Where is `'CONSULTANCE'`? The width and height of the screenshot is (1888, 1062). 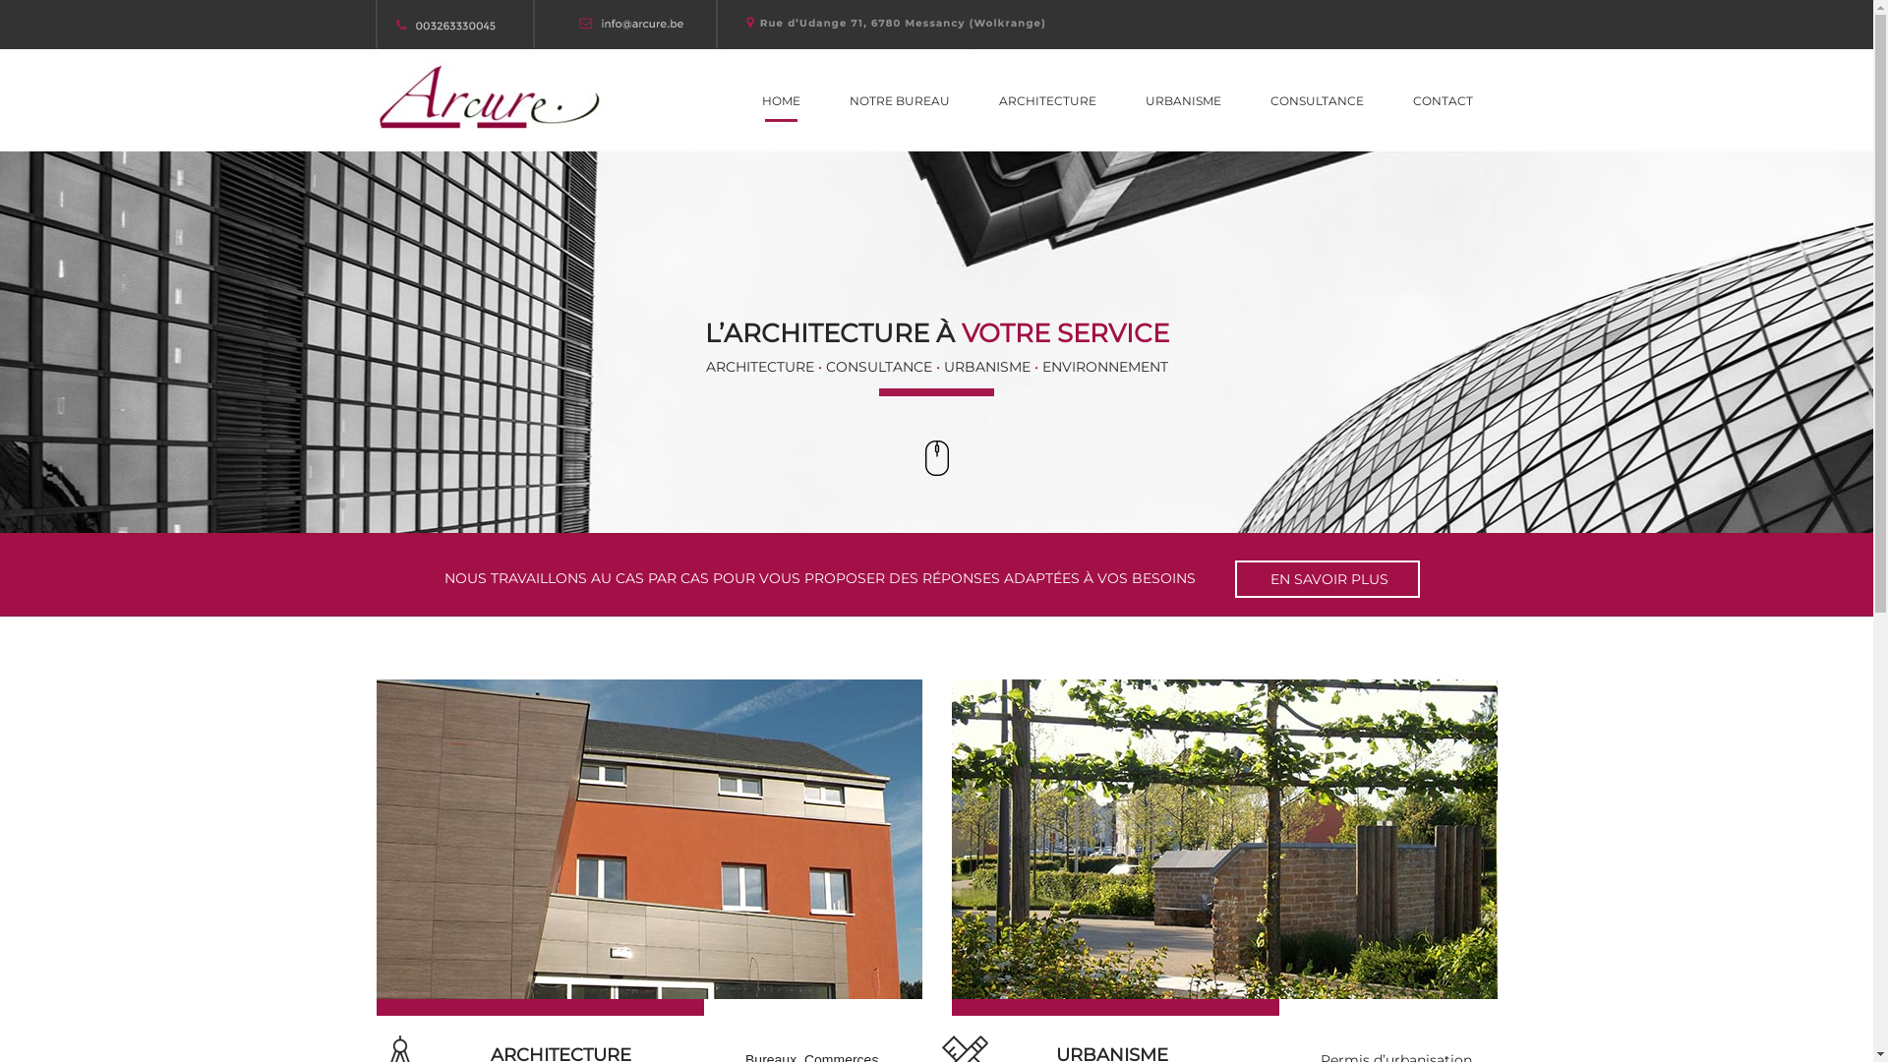 'CONSULTANCE' is located at coordinates (1316, 101).